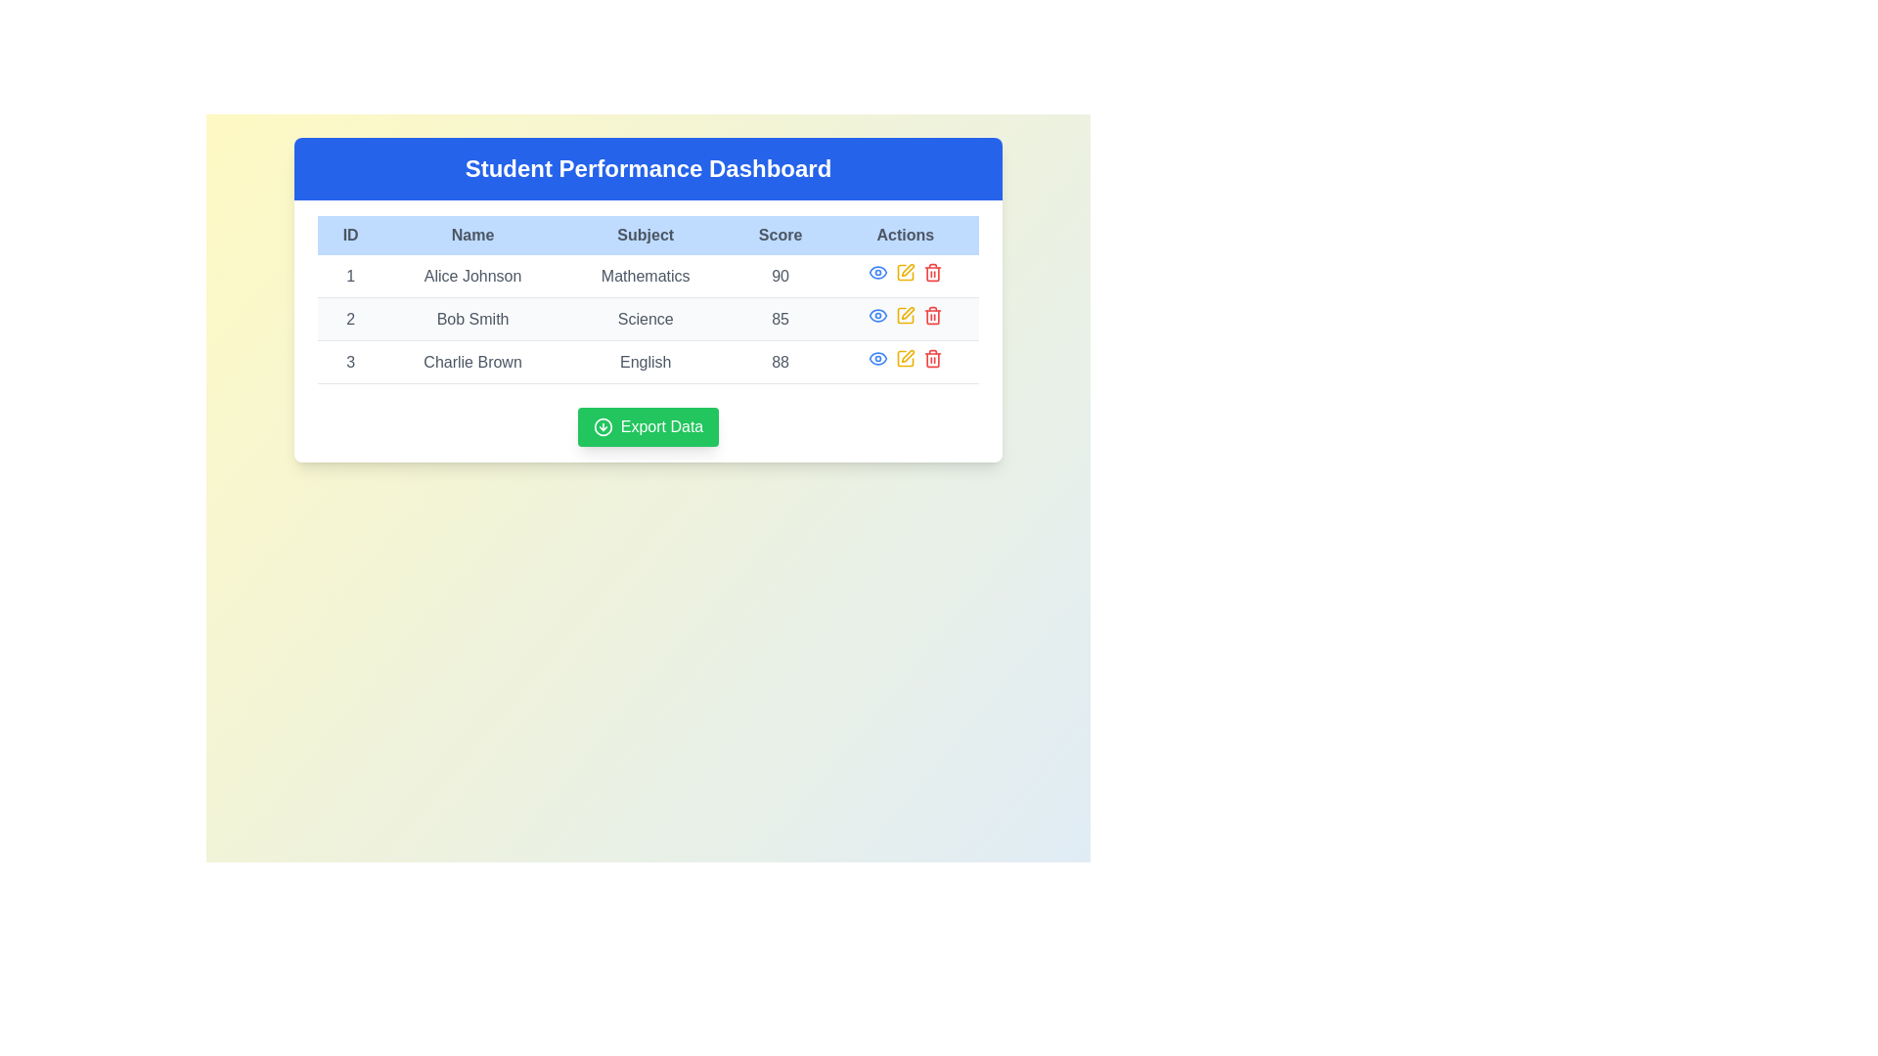 This screenshot has height=1056, width=1878. Describe the element at coordinates (648, 425) in the screenshot. I see `the 'Export Data' button, which has a green background, rounded corners, and features a white bold font with a downward arrow icon, located at the bottom of the student performance dashboard table` at that location.